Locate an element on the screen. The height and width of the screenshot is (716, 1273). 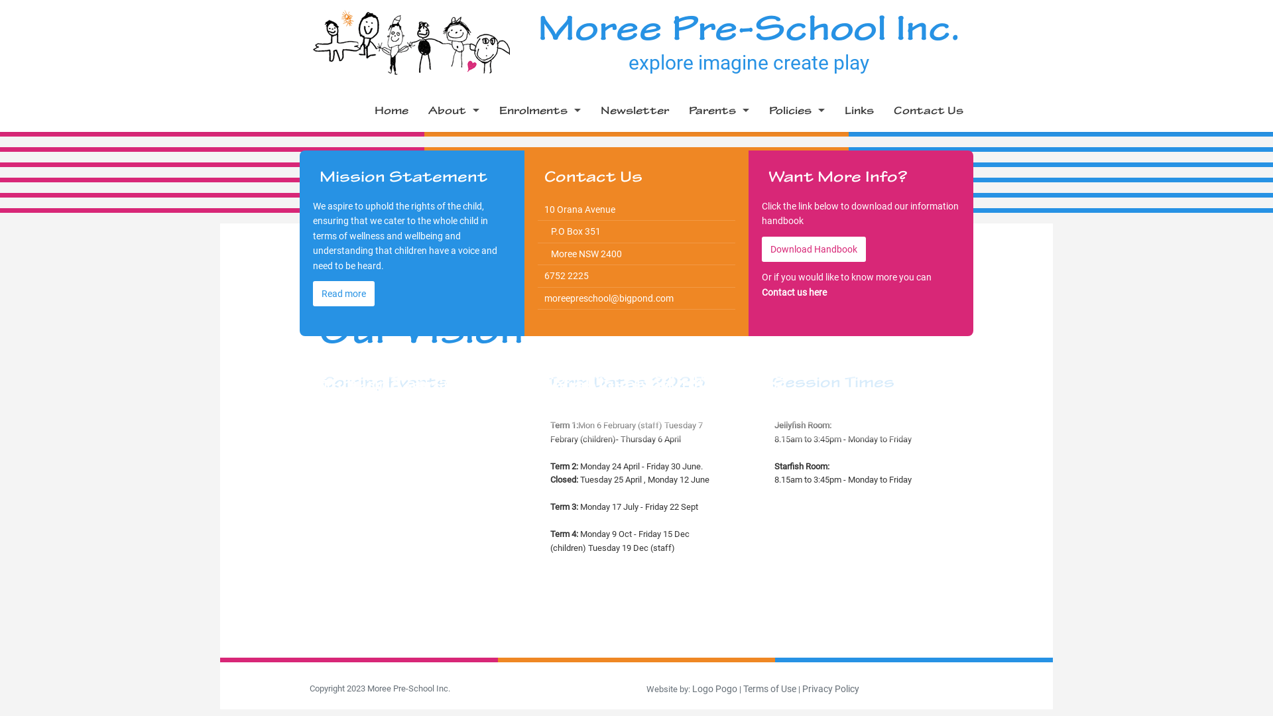
'When you are ready to start at Pre-School' is located at coordinates (718, 348).